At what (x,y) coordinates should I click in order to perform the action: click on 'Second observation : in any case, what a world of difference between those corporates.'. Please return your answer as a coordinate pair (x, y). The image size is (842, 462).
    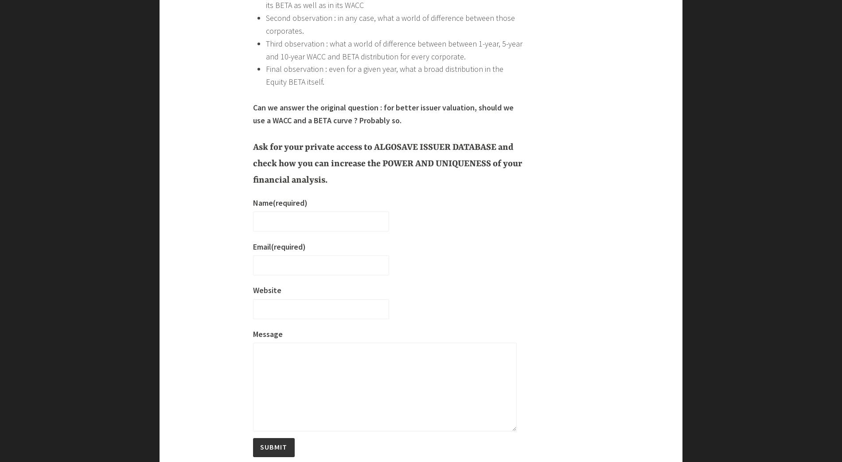
    Looking at the image, I should click on (390, 393).